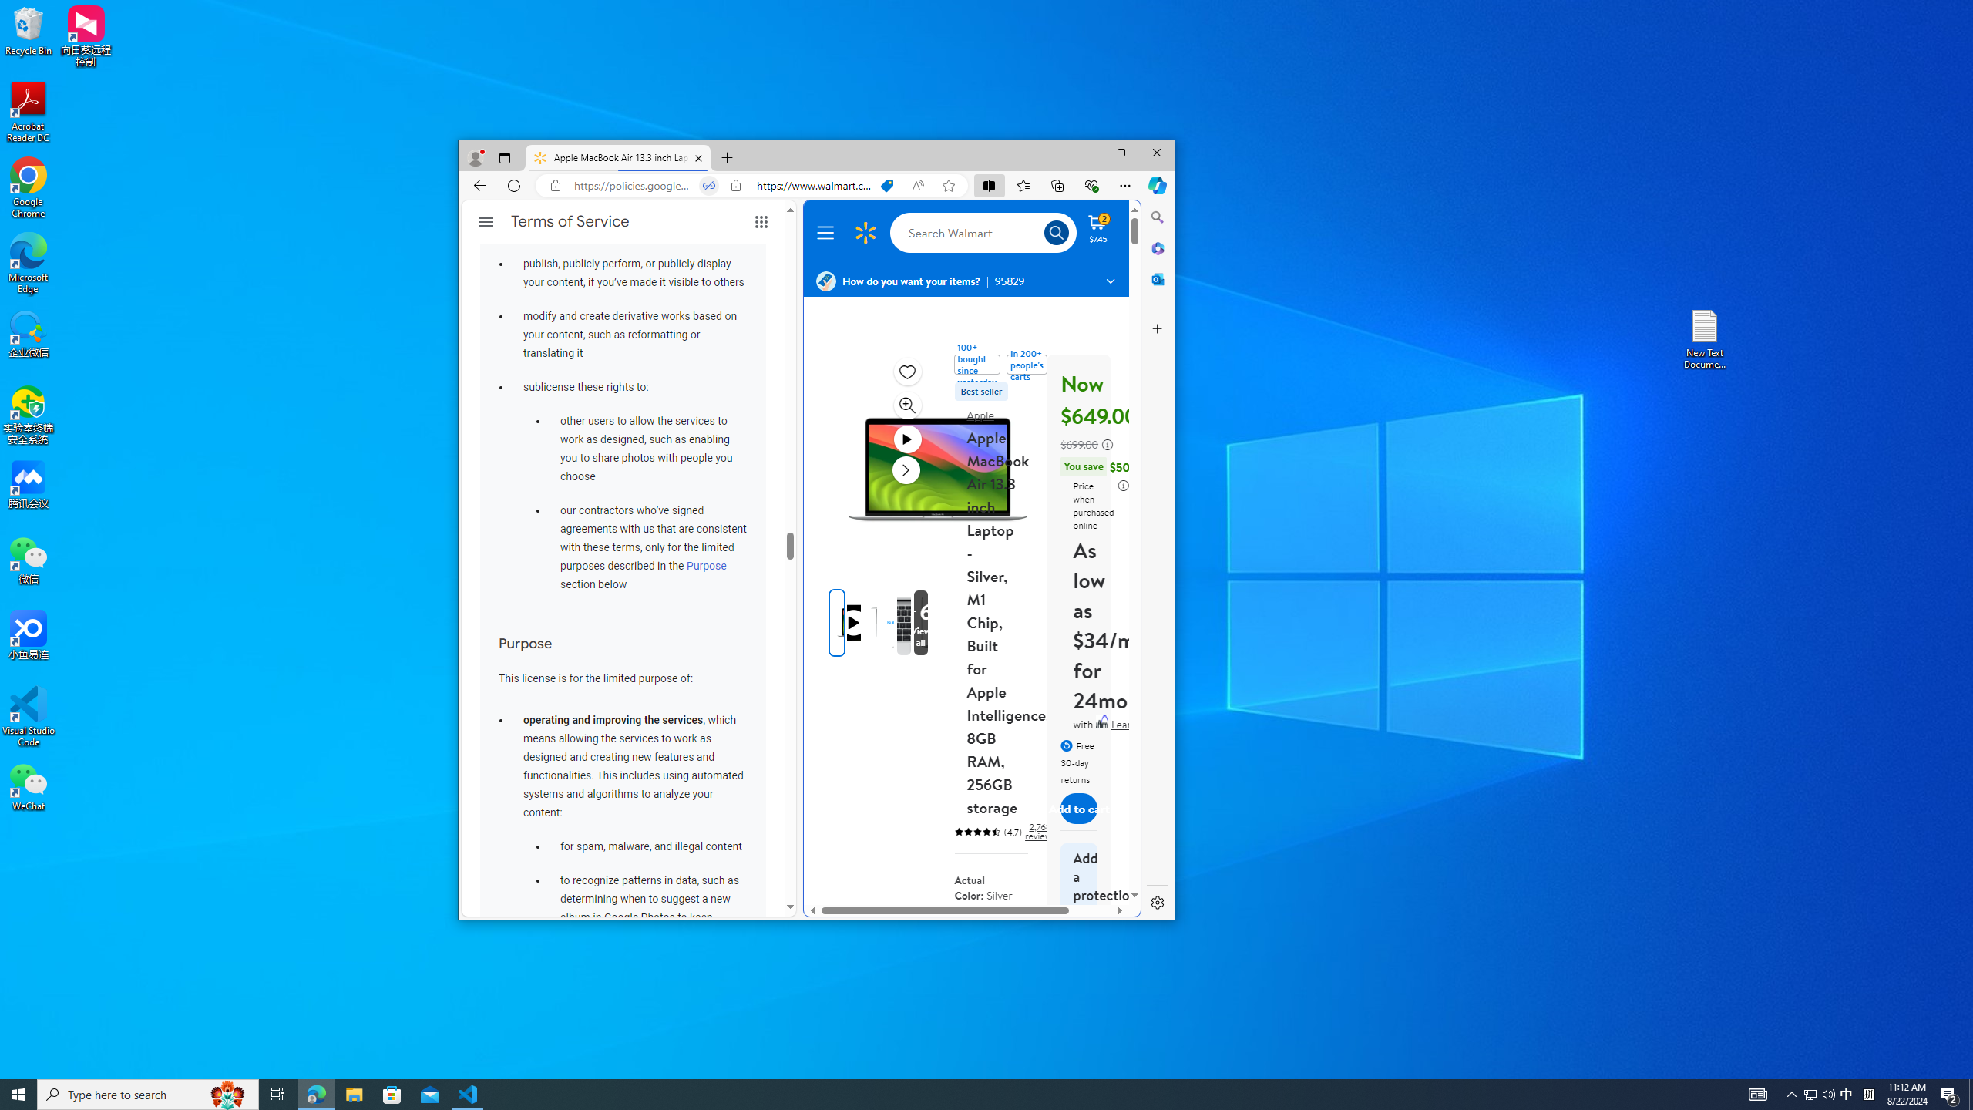 The height and width of the screenshot is (1110, 1973). I want to click on 'WeChat', so click(28, 785).